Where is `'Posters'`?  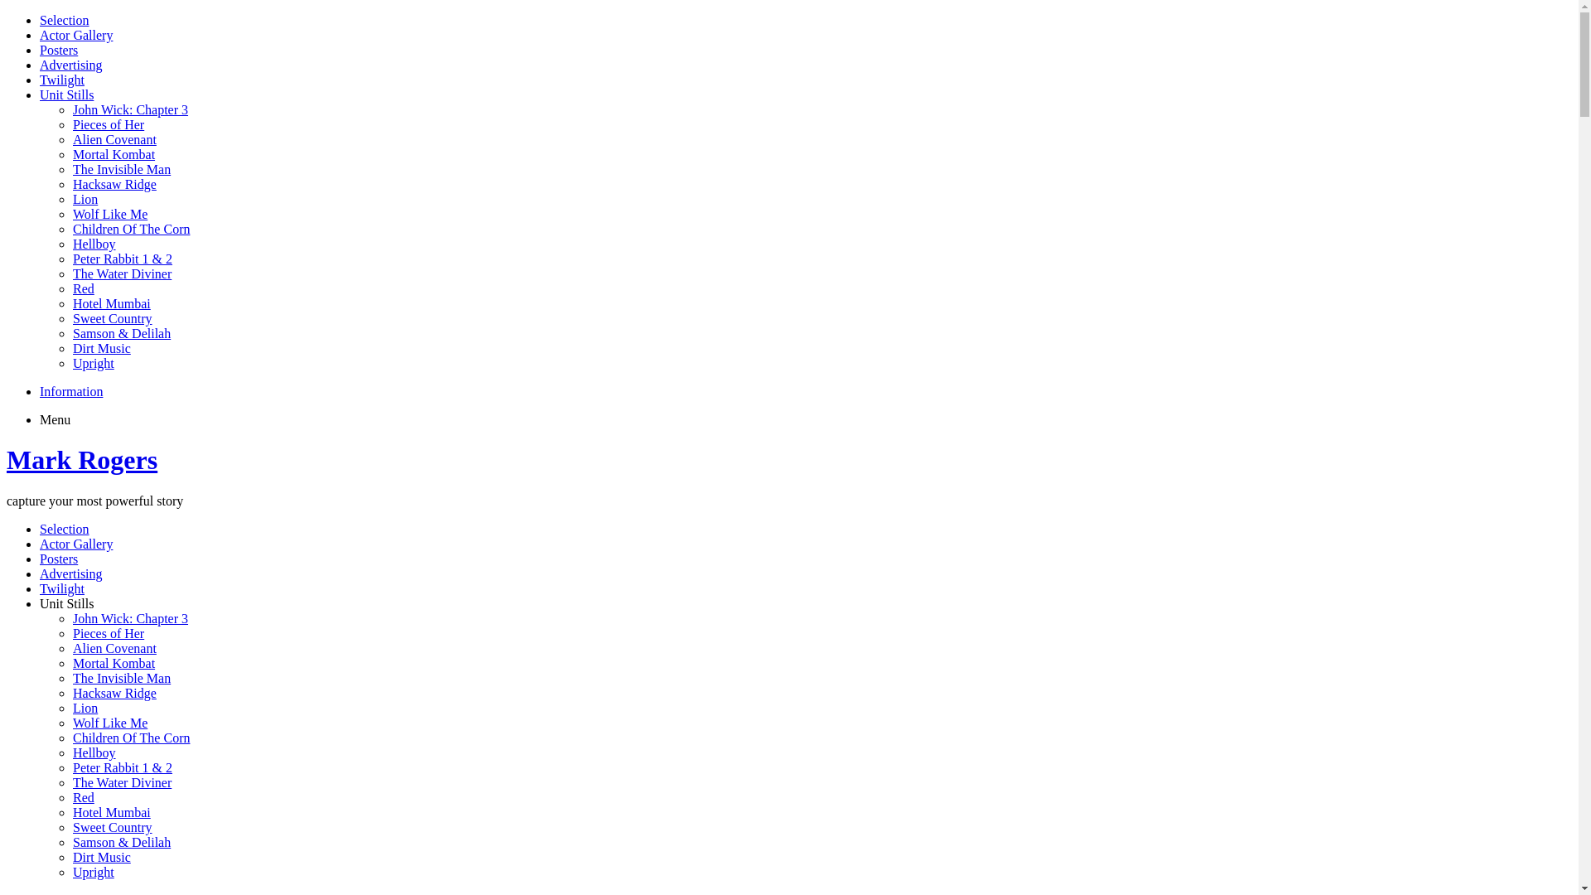
'Posters' is located at coordinates (59, 49).